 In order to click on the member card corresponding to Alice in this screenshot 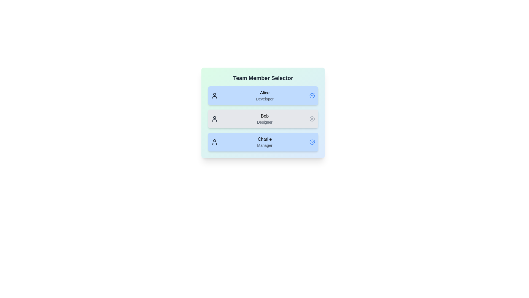, I will do `click(263, 95)`.